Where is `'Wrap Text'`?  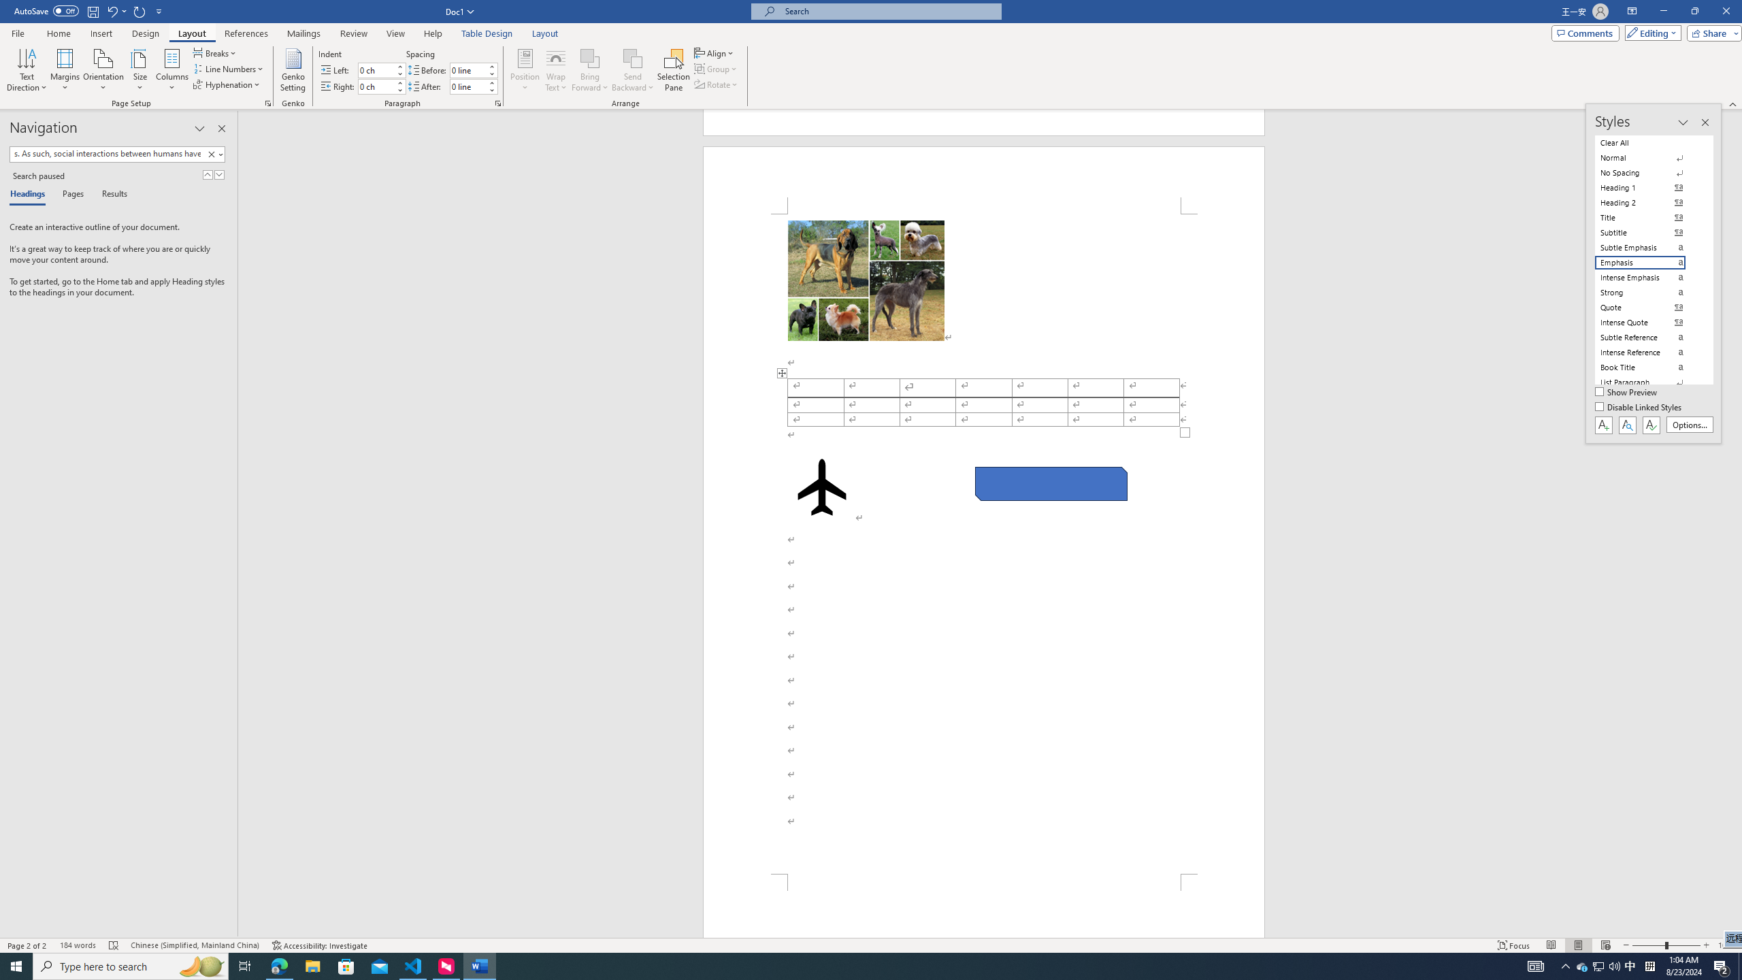
'Wrap Text' is located at coordinates (555, 70).